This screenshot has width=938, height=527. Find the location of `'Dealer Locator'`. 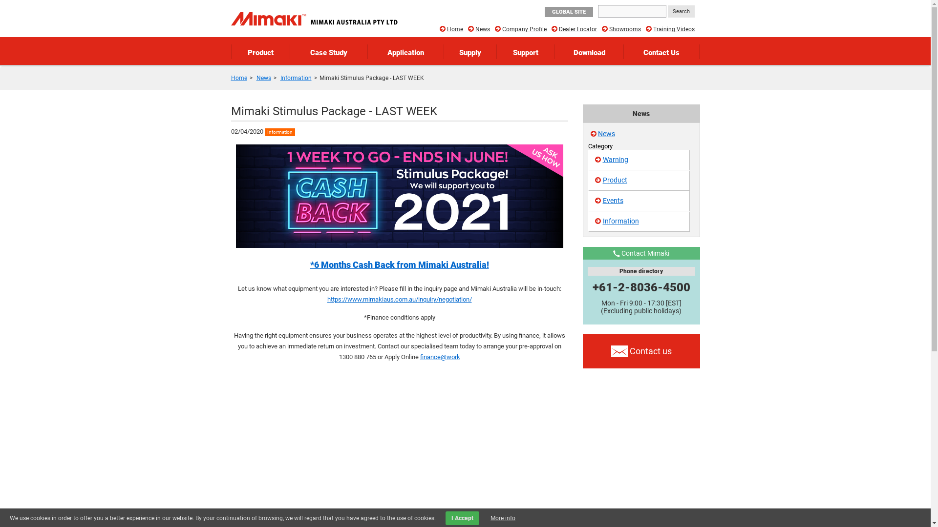

'Dealer Locator' is located at coordinates (577, 29).